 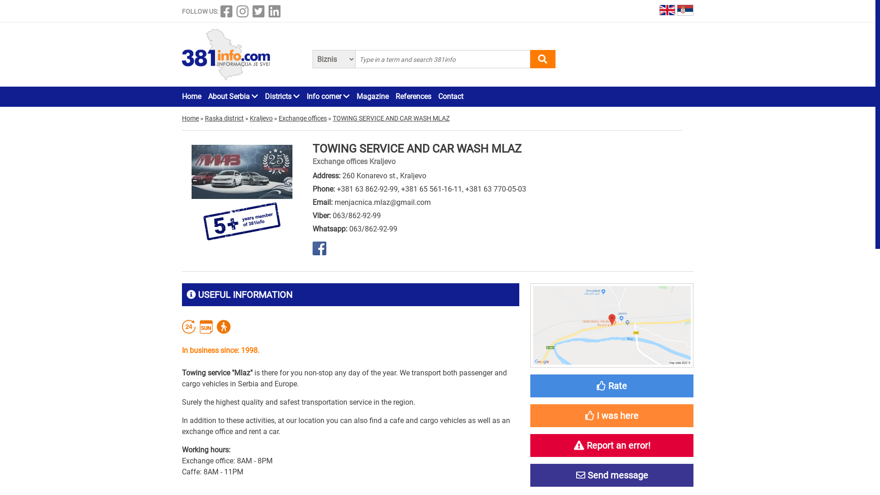 I want to click on 'About Serbia', so click(x=233, y=97).